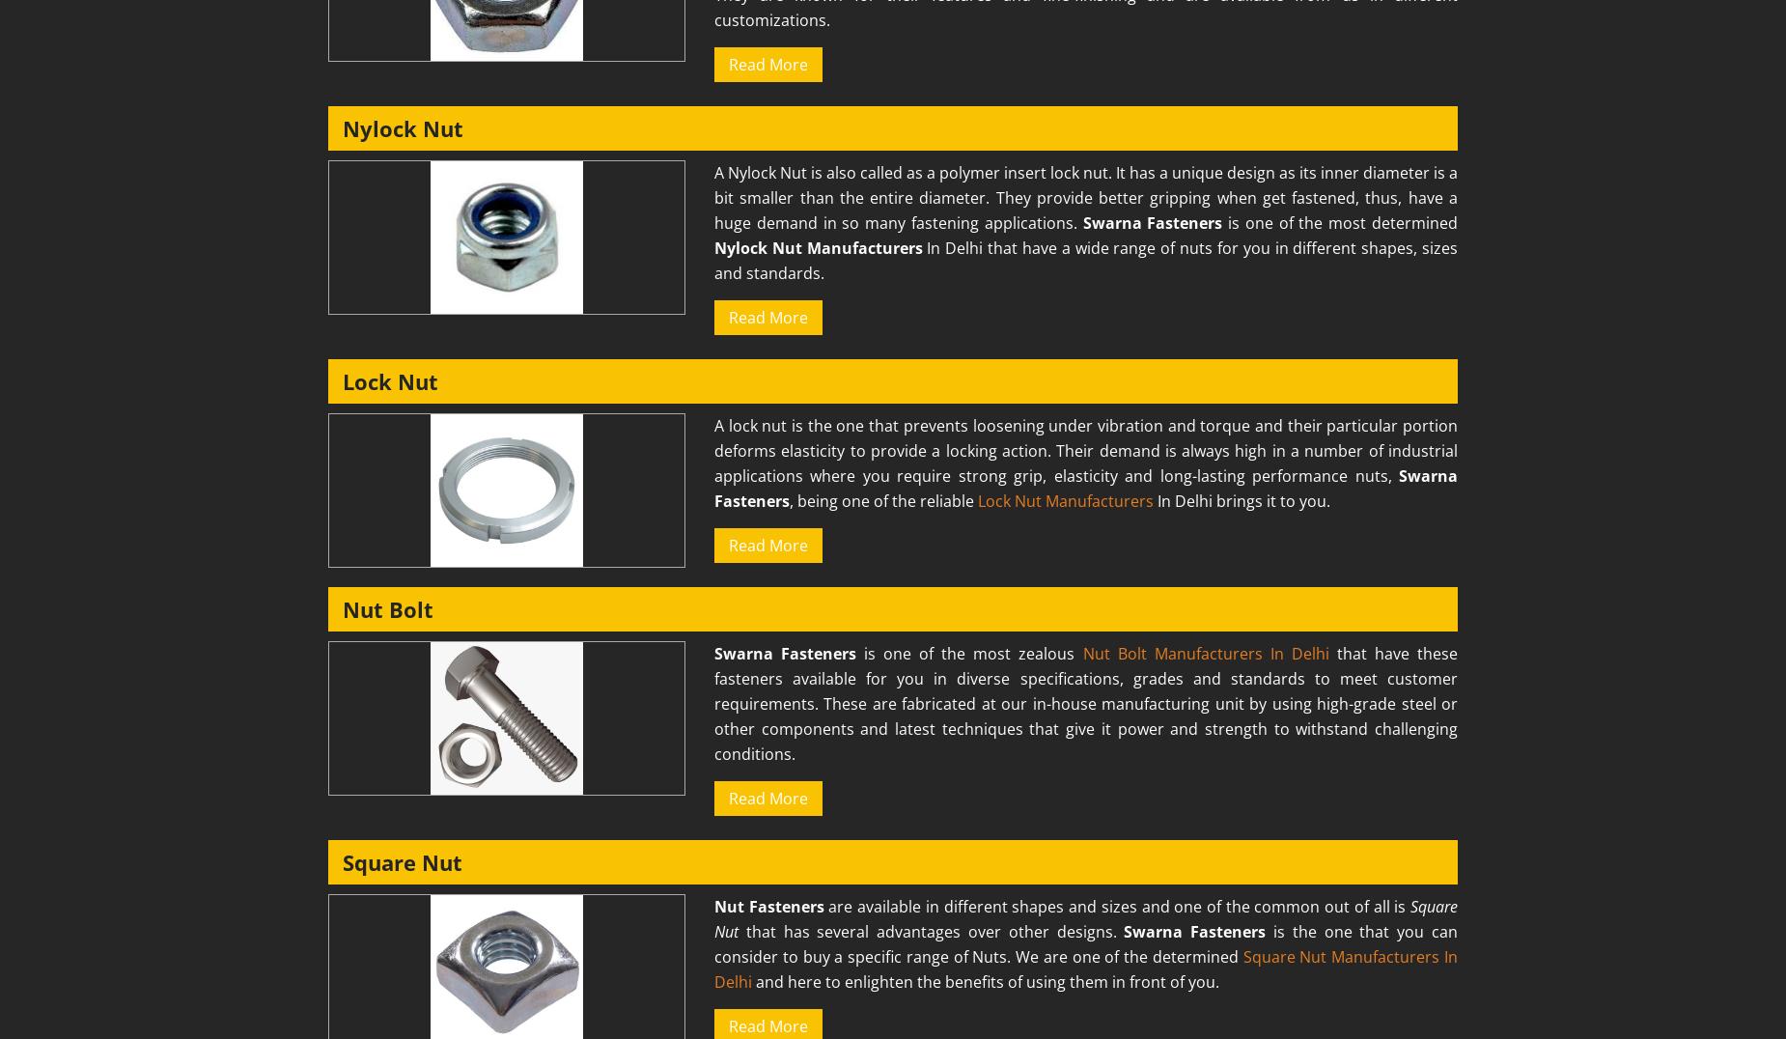 The image size is (1786, 1039). I want to click on 'A Nylock Nut is also called as a polymer insert lock nut. It has a unique design as its inner diameter is a bit smaller than the entire diameter. They provide better gripping when get fastened, thus, have a huge demand in so many fastening applications.', so click(1084, 196).